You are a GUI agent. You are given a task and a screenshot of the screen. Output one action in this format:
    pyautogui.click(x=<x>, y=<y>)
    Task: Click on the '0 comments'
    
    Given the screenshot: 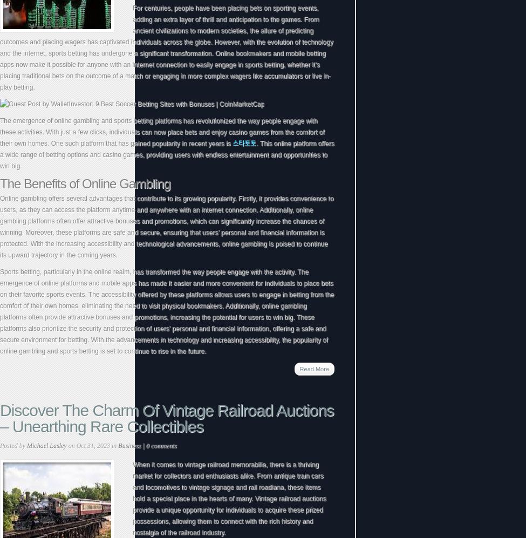 What is the action you would take?
    pyautogui.click(x=145, y=446)
    